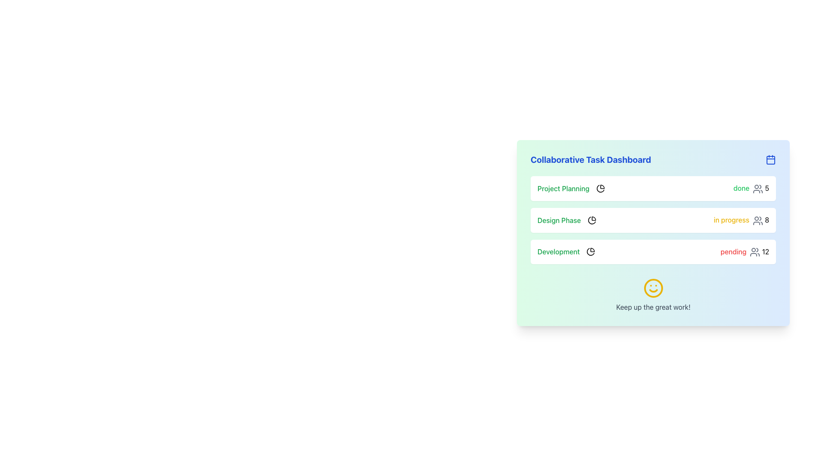 The image size is (825, 464). What do you see at coordinates (653, 220) in the screenshot?
I see `information displayed in the task summary widget, which is the second task in the 'Collaborative Task Dashboard' list, showing its name, progress status, and associated user count` at bounding box center [653, 220].